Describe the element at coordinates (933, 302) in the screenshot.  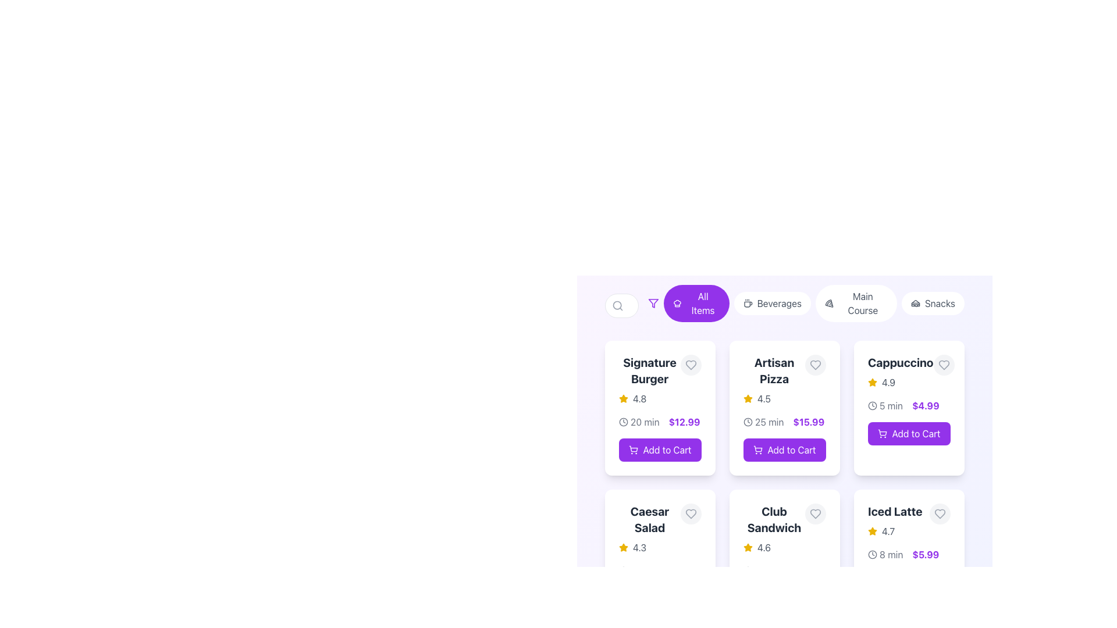
I see `the 'Snacks' category selector button` at that location.